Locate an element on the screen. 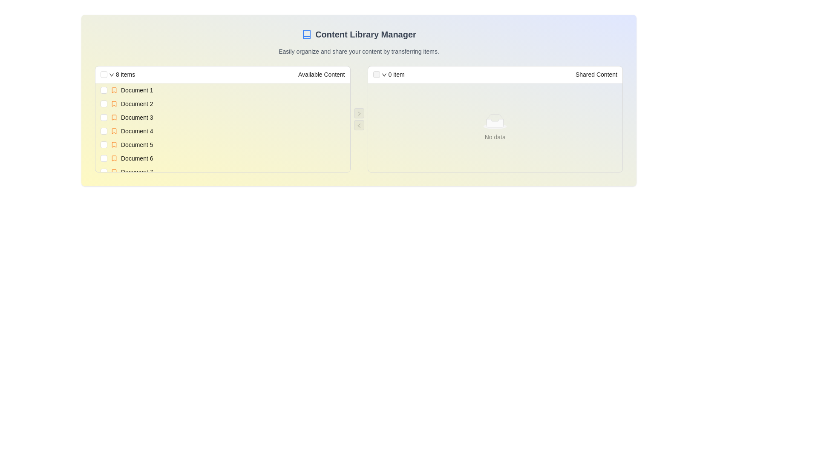  the text label displaying 'Document 7' is located at coordinates (137, 172).